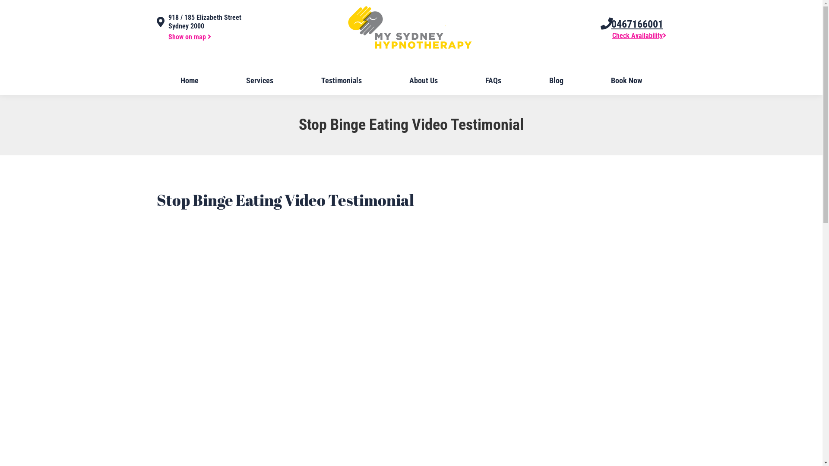 Image resolution: width=829 pixels, height=466 pixels. Describe the element at coordinates (611, 35) in the screenshot. I see `'Check Availability'` at that location.